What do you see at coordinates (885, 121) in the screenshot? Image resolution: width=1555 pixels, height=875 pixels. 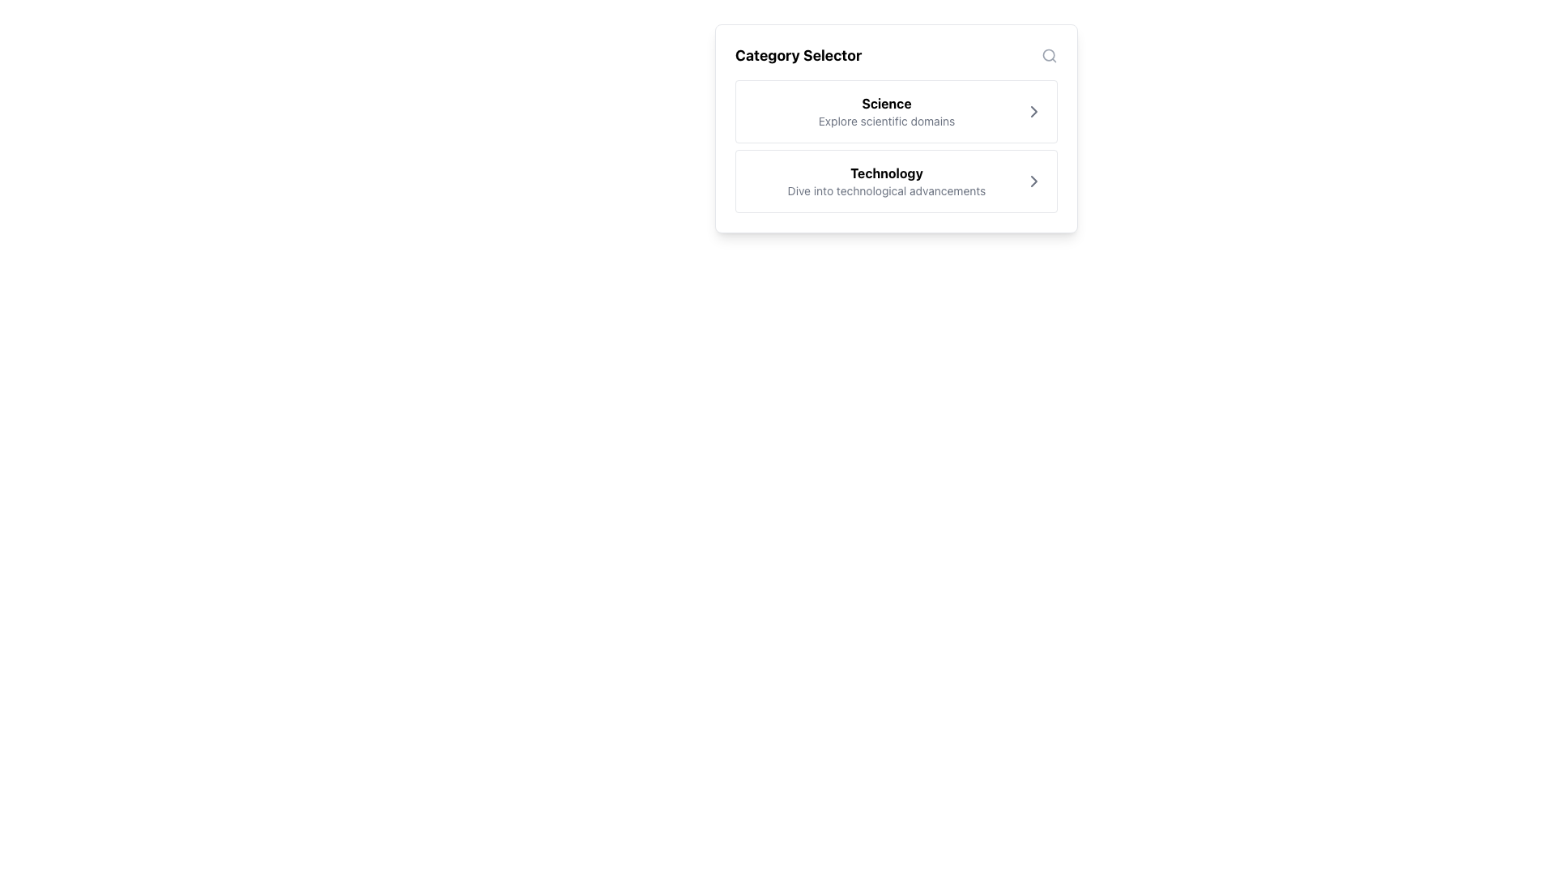 I see `the static text element that serves as a descriptive label for the 'Science' category, located directly below the bold 'Science' text within the 'Category Selector' card` at bounding box center [885, 121].